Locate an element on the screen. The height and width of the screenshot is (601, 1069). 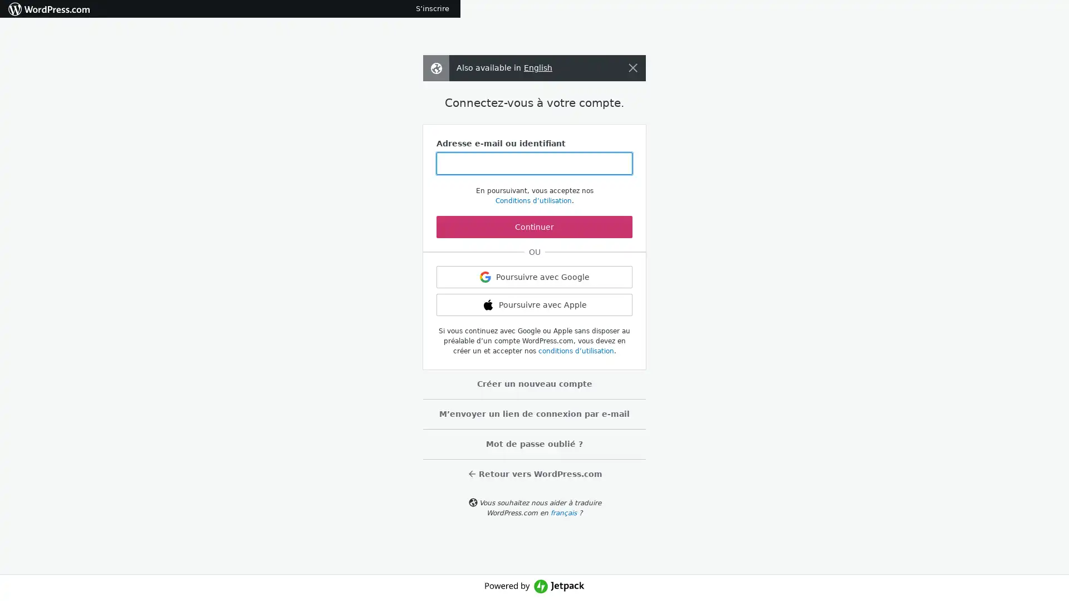
Continuer is located at coordinates (534, 226).